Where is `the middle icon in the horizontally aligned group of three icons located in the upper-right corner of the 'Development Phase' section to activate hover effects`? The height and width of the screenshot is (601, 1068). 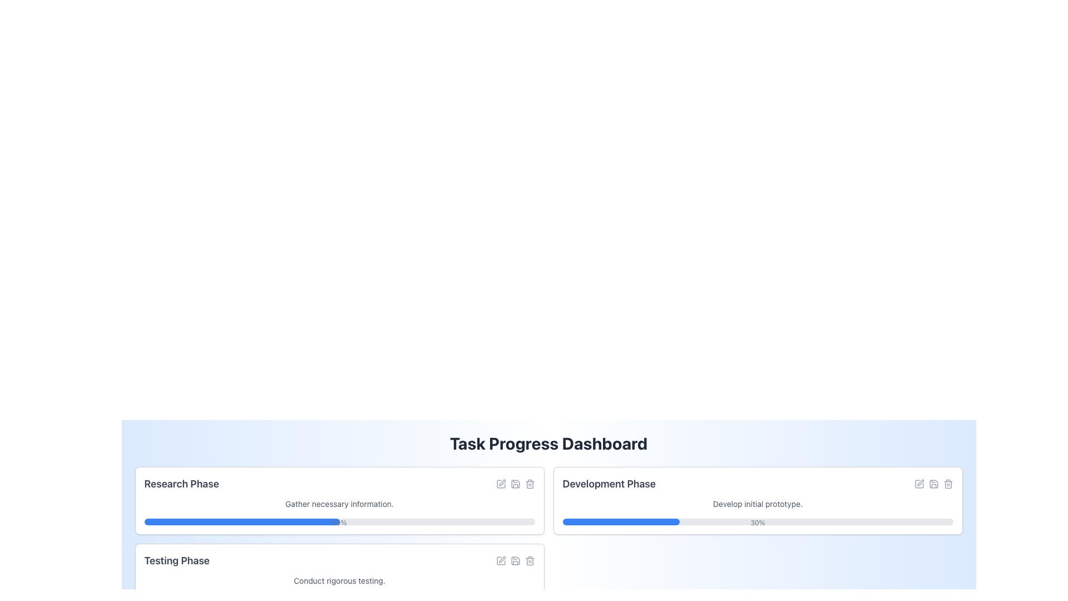 the middle icon in the horizontally aligned group of three icons located in the upper-right corner of the 'Development Phase' section to activate hover effects is located at coordinates (933, 484).